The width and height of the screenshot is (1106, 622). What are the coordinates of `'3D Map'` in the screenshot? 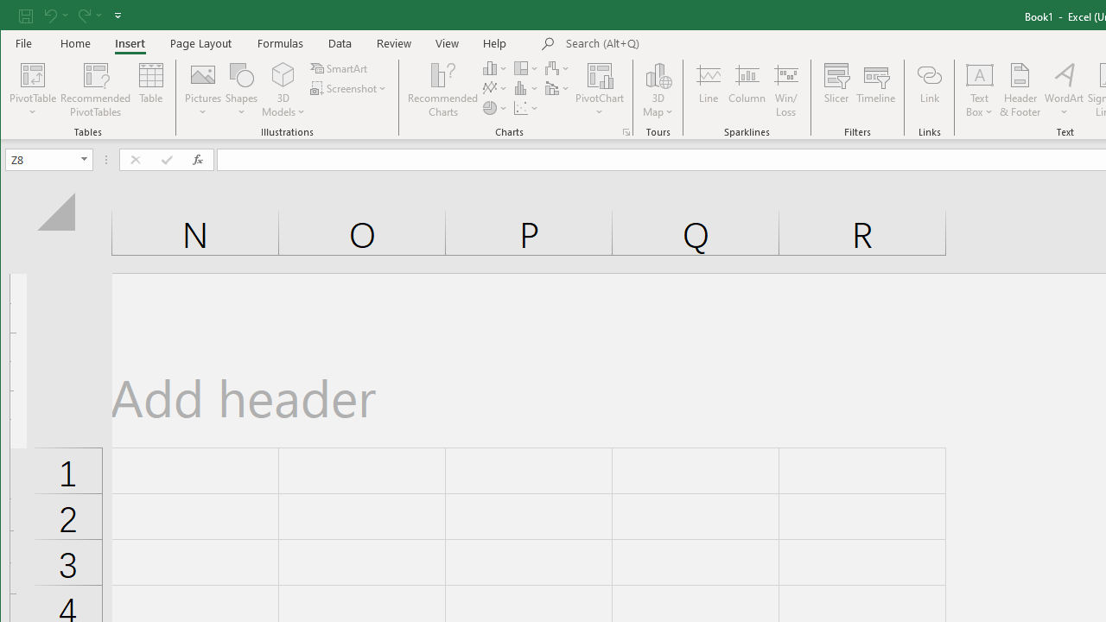 It's located at (658, 73).